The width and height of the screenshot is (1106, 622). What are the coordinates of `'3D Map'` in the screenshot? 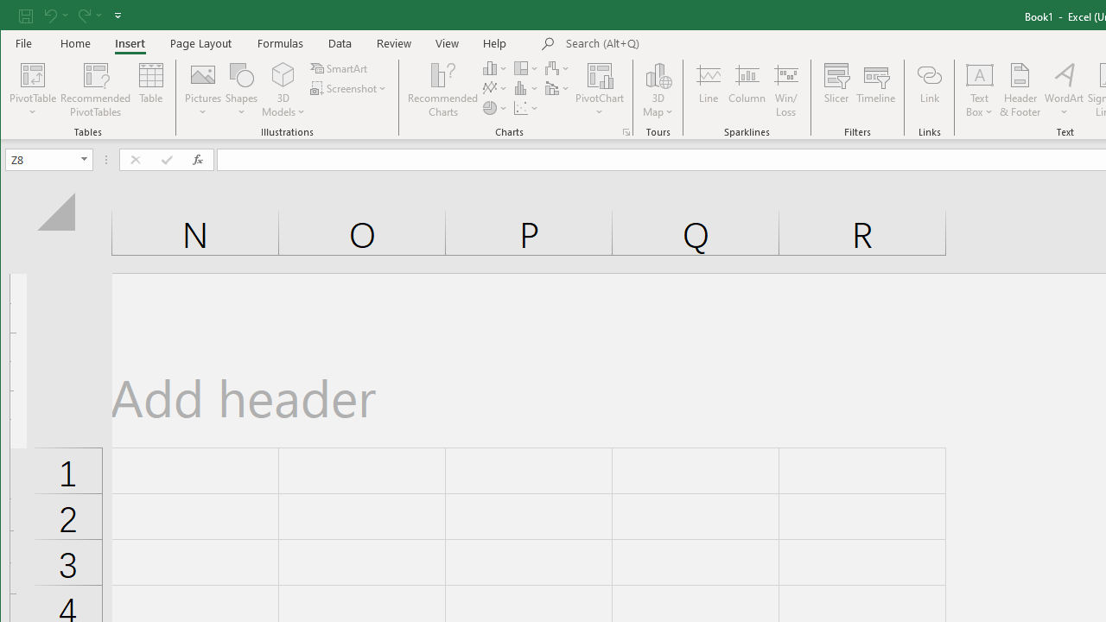 It's located at (658, 73).